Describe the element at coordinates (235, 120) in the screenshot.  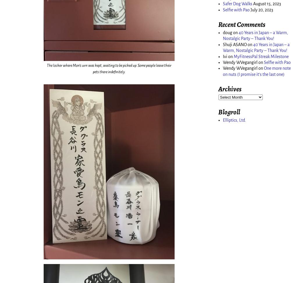
I see `'Elliptics, Ltd.'` at that location.